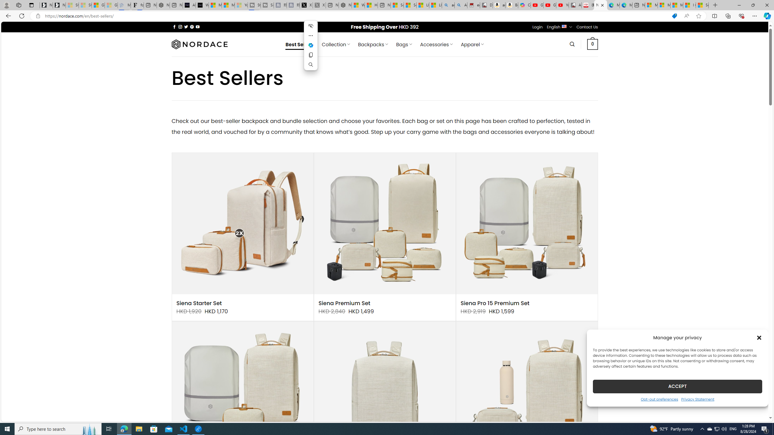 This screenshot has height=435, width=774. Describe the element at coordinates (593, 44) in the screenshot. I see `' 0 '` at that location.